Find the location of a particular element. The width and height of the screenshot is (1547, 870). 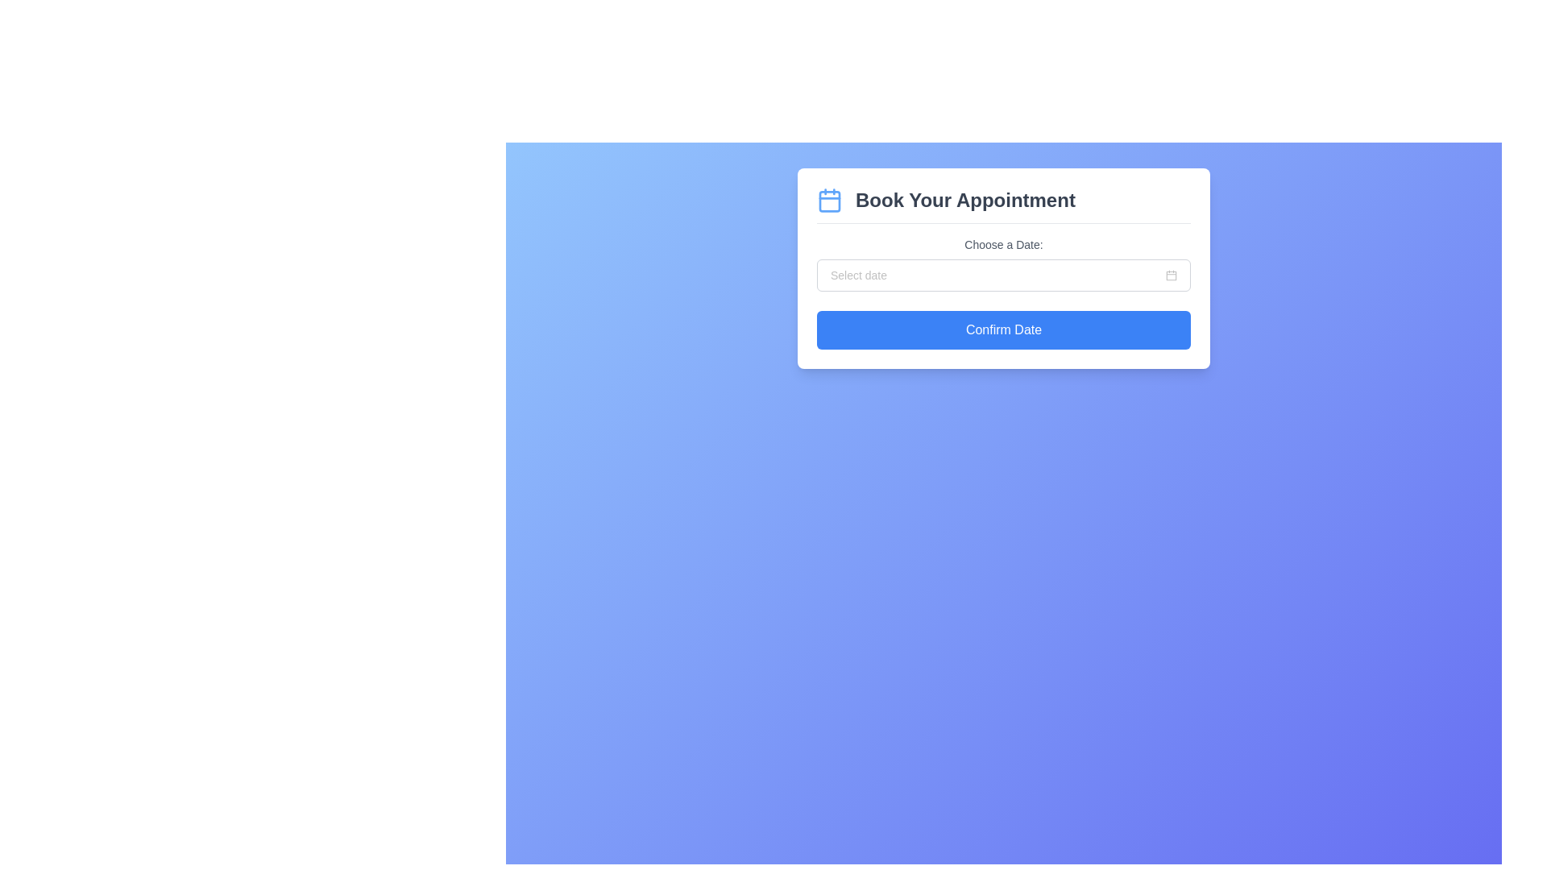

the calendar icon with a blue outline, which is positioned to the left of the 'Book Your Appointment' text is located at coordinates (830, 200).